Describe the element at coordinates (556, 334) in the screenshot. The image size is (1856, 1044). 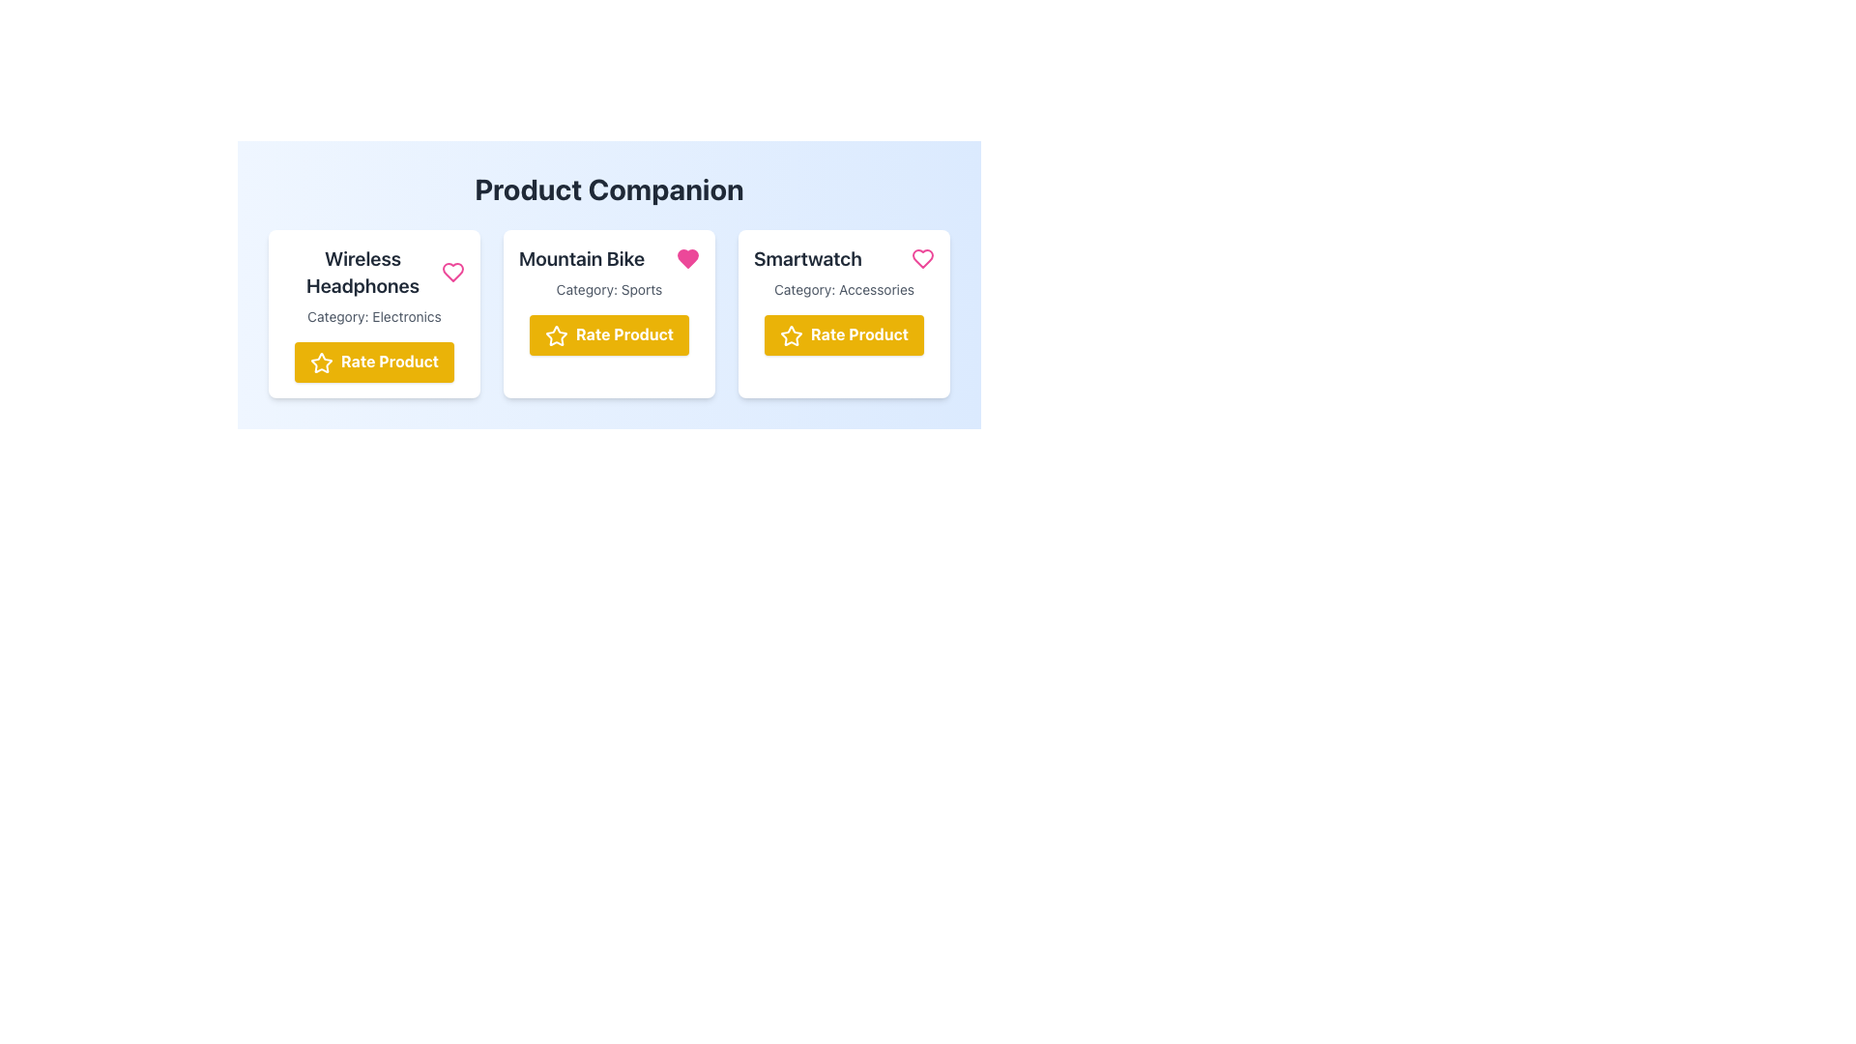
I see `the star icon within the 'Rate Product' button at the bottom of the 'Mountain Bike' card` at that location.